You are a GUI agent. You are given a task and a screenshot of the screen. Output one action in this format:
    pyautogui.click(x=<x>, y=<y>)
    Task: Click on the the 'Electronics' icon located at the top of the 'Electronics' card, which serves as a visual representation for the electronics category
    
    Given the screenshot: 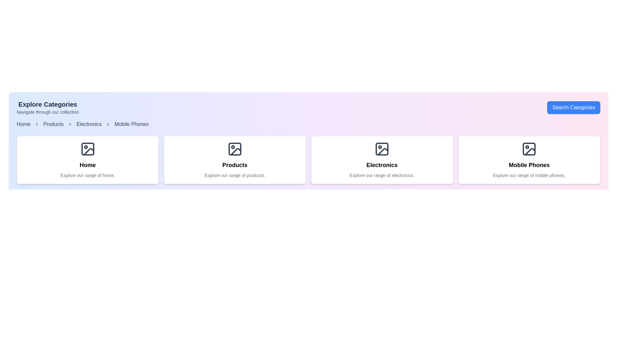 What is the action you would take?
    pyautogui.click(x=382, y=149)
    